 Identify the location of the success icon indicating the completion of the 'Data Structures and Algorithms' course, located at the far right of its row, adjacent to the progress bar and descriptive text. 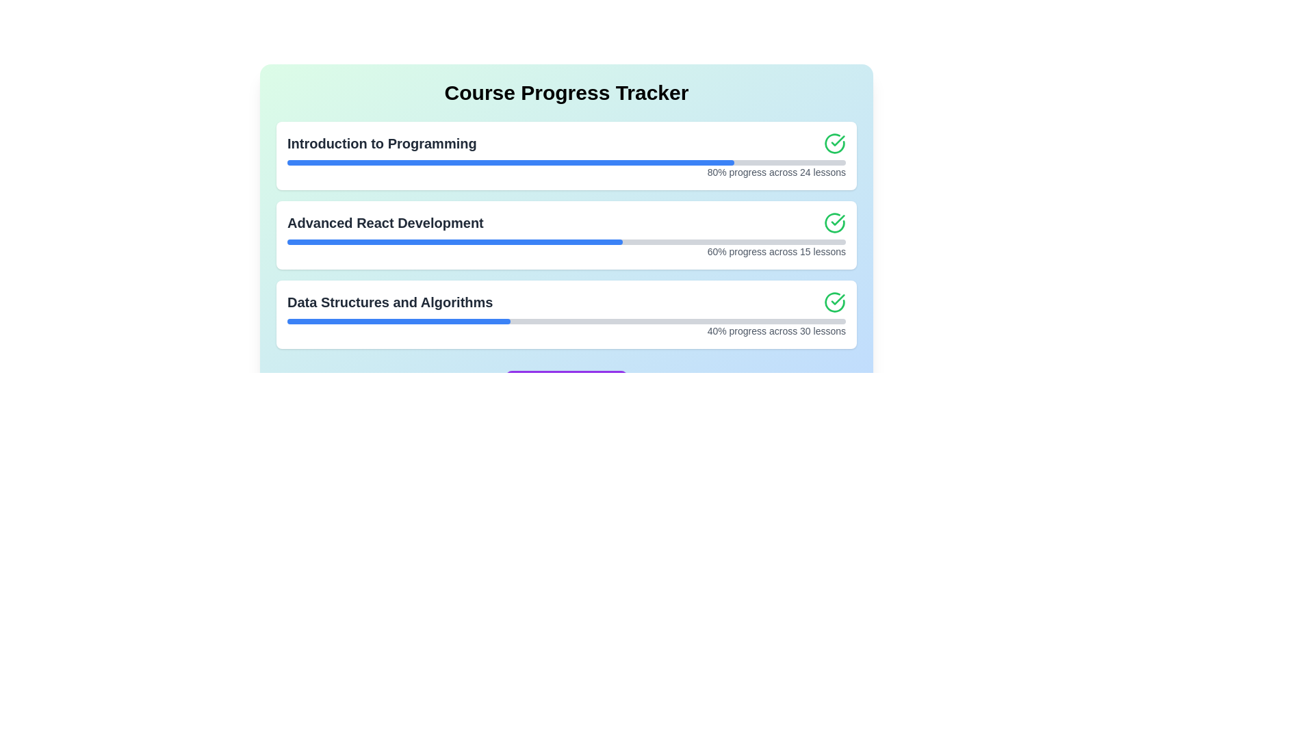
(834, 302).